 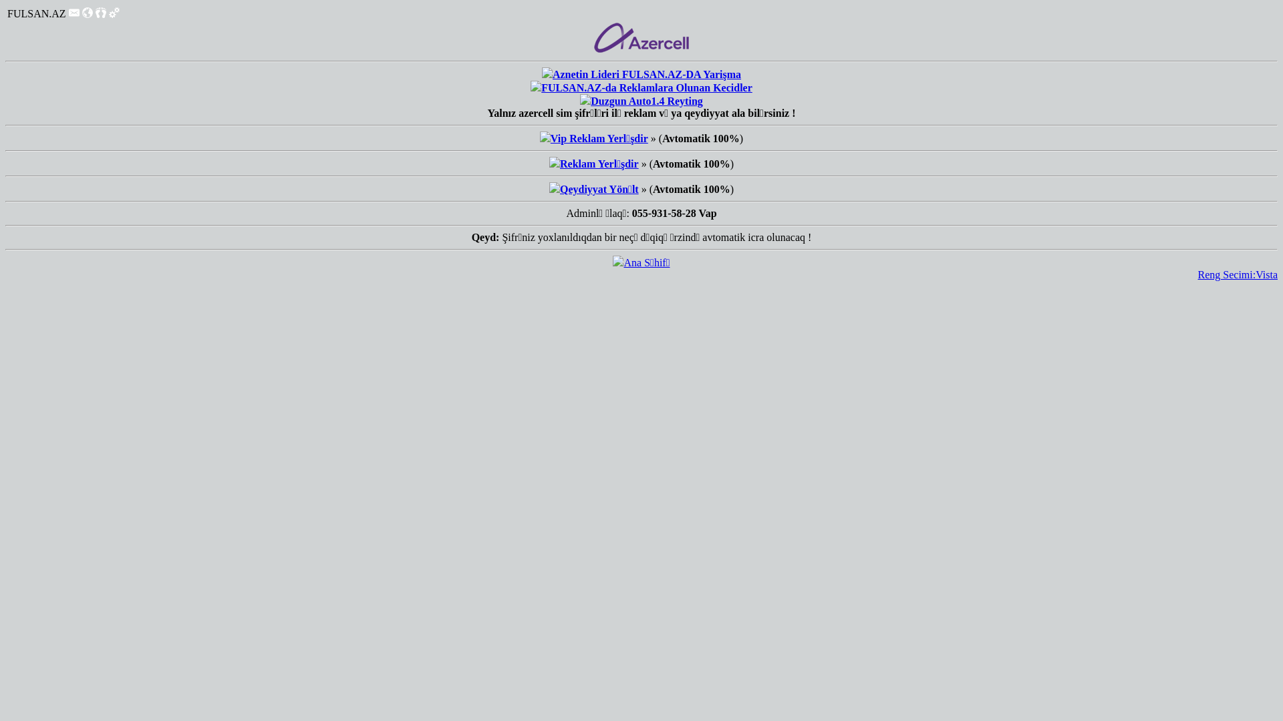 What do you see at coordinates (67, 13) in the screenshot?
I see `'Mesajlar'` at bounding box center [67, 13].